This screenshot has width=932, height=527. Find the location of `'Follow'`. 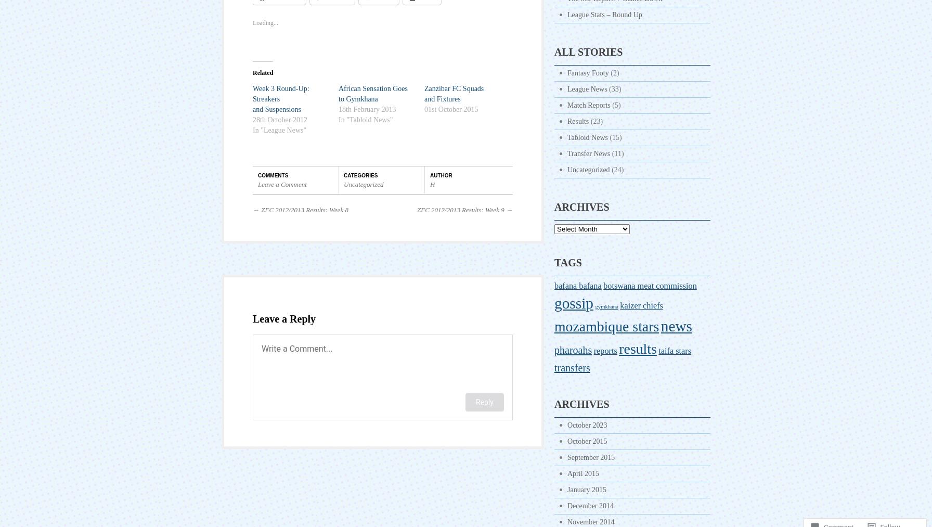

'Follow' is located at coordinates (890, 499).